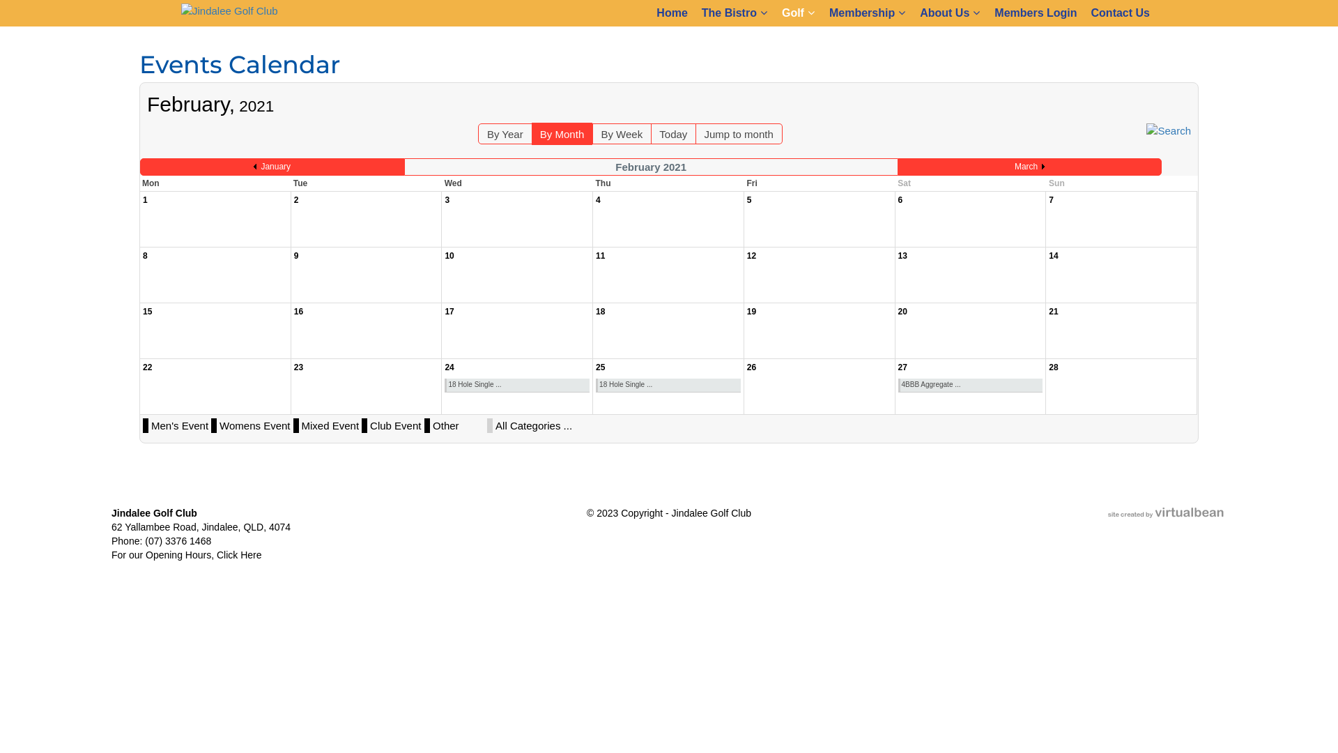 The height and width of the screenshot is (753, 1338). What do you see at coordinates (672, 13) in the screenshot?
I see `'Home'` at bounding box center [672, 13].